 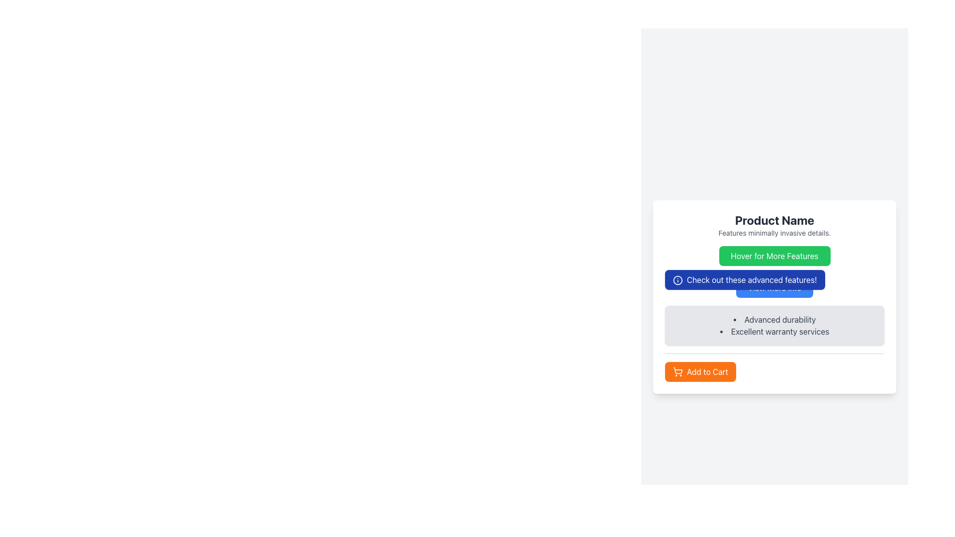 I want to click on bullet points in the Information block, which contains the items 'Advanced durability' and 'Excellent warranty services.', so click(x=774, y=325).